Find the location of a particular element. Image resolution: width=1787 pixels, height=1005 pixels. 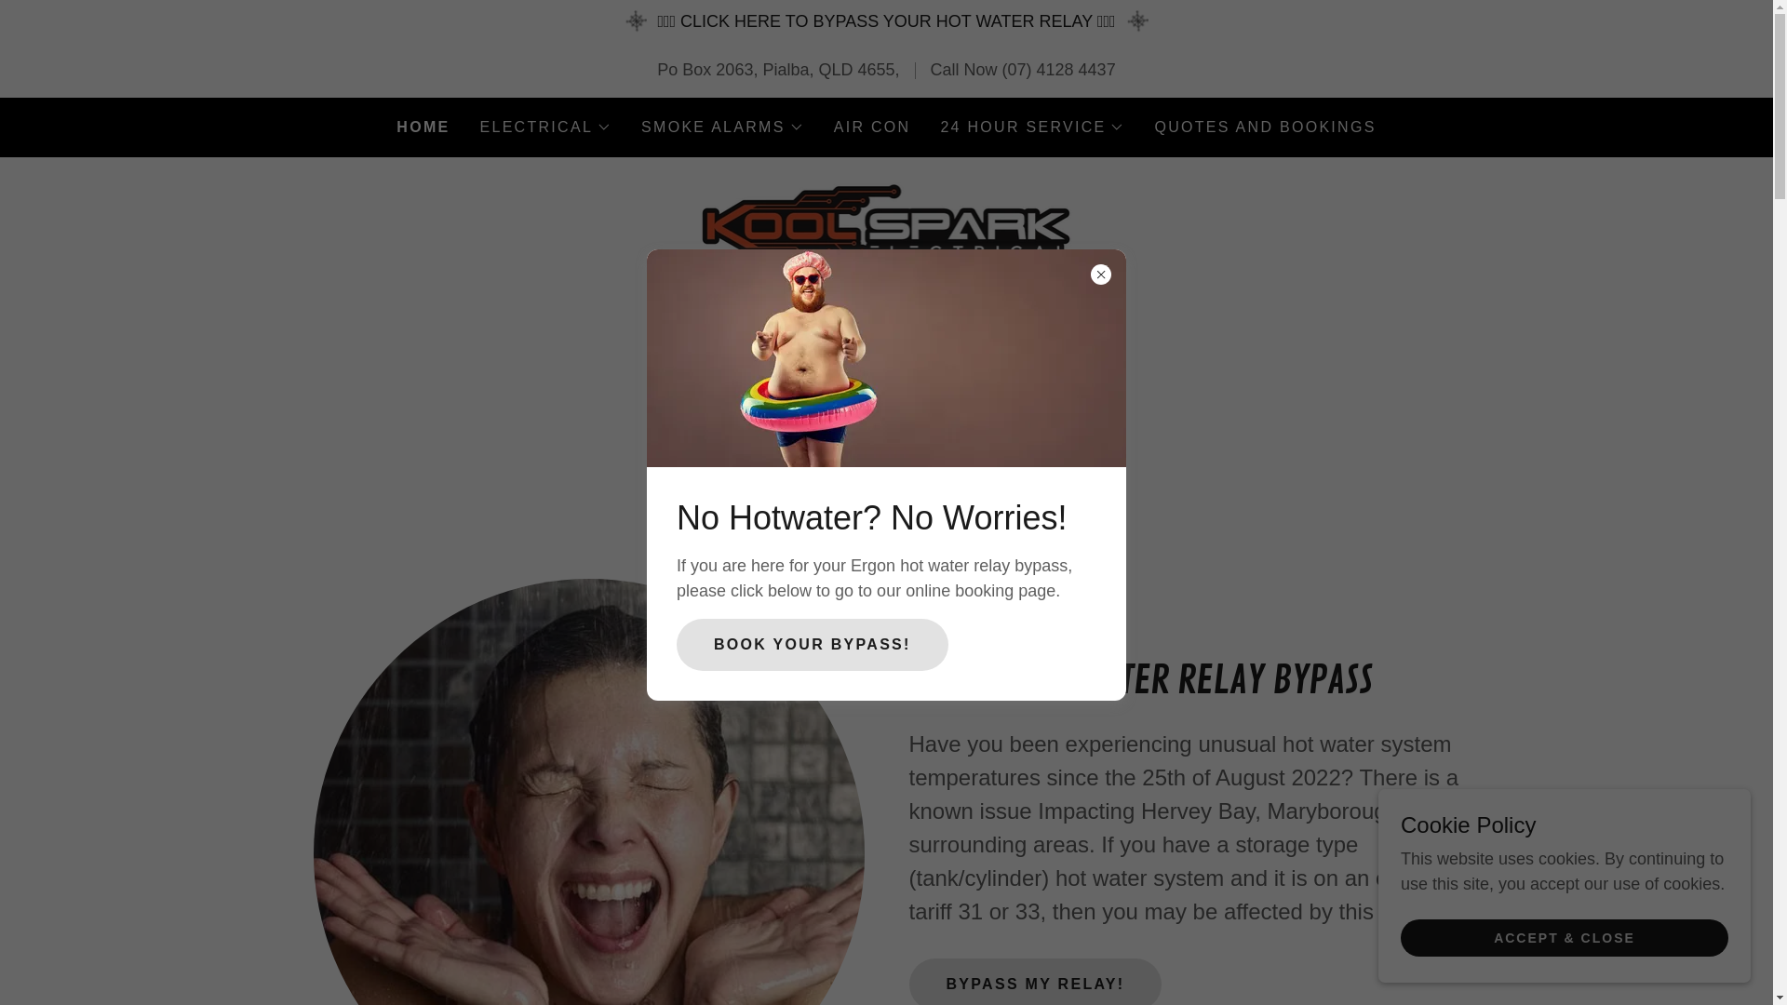

'HOME' is located at coordinates (396, 127).